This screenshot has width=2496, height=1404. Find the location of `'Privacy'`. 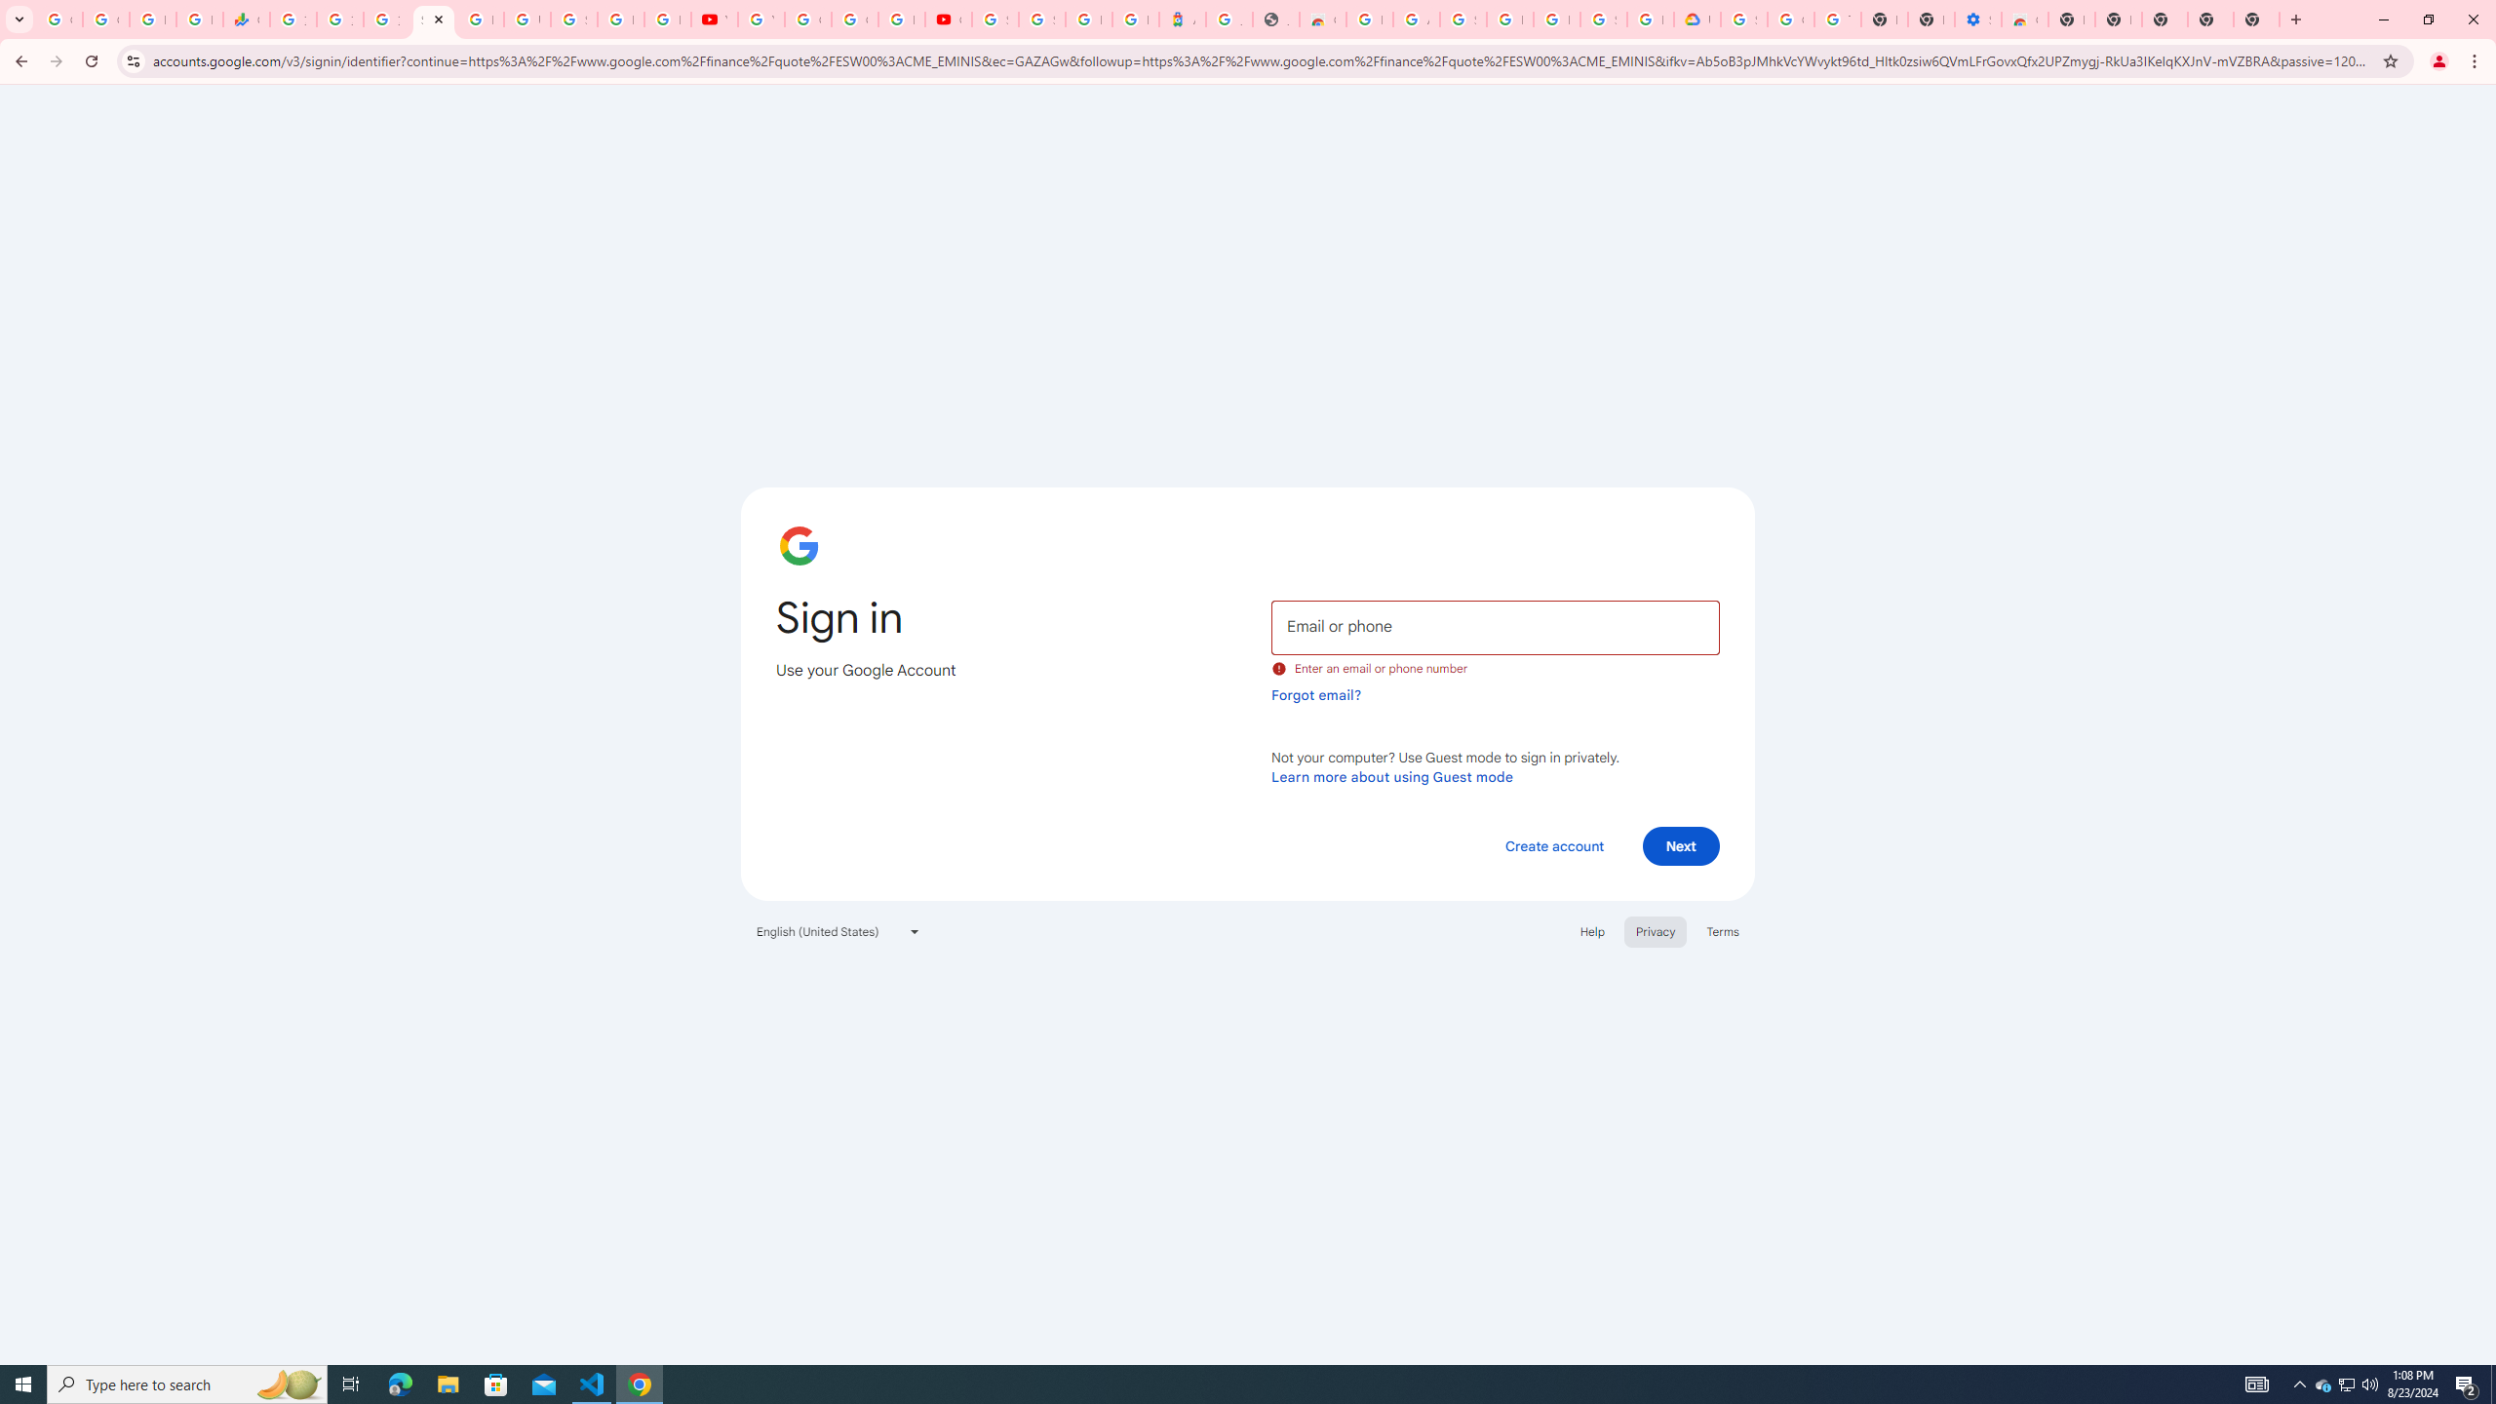

'Privacy' is located at coordinates (1654, 930).